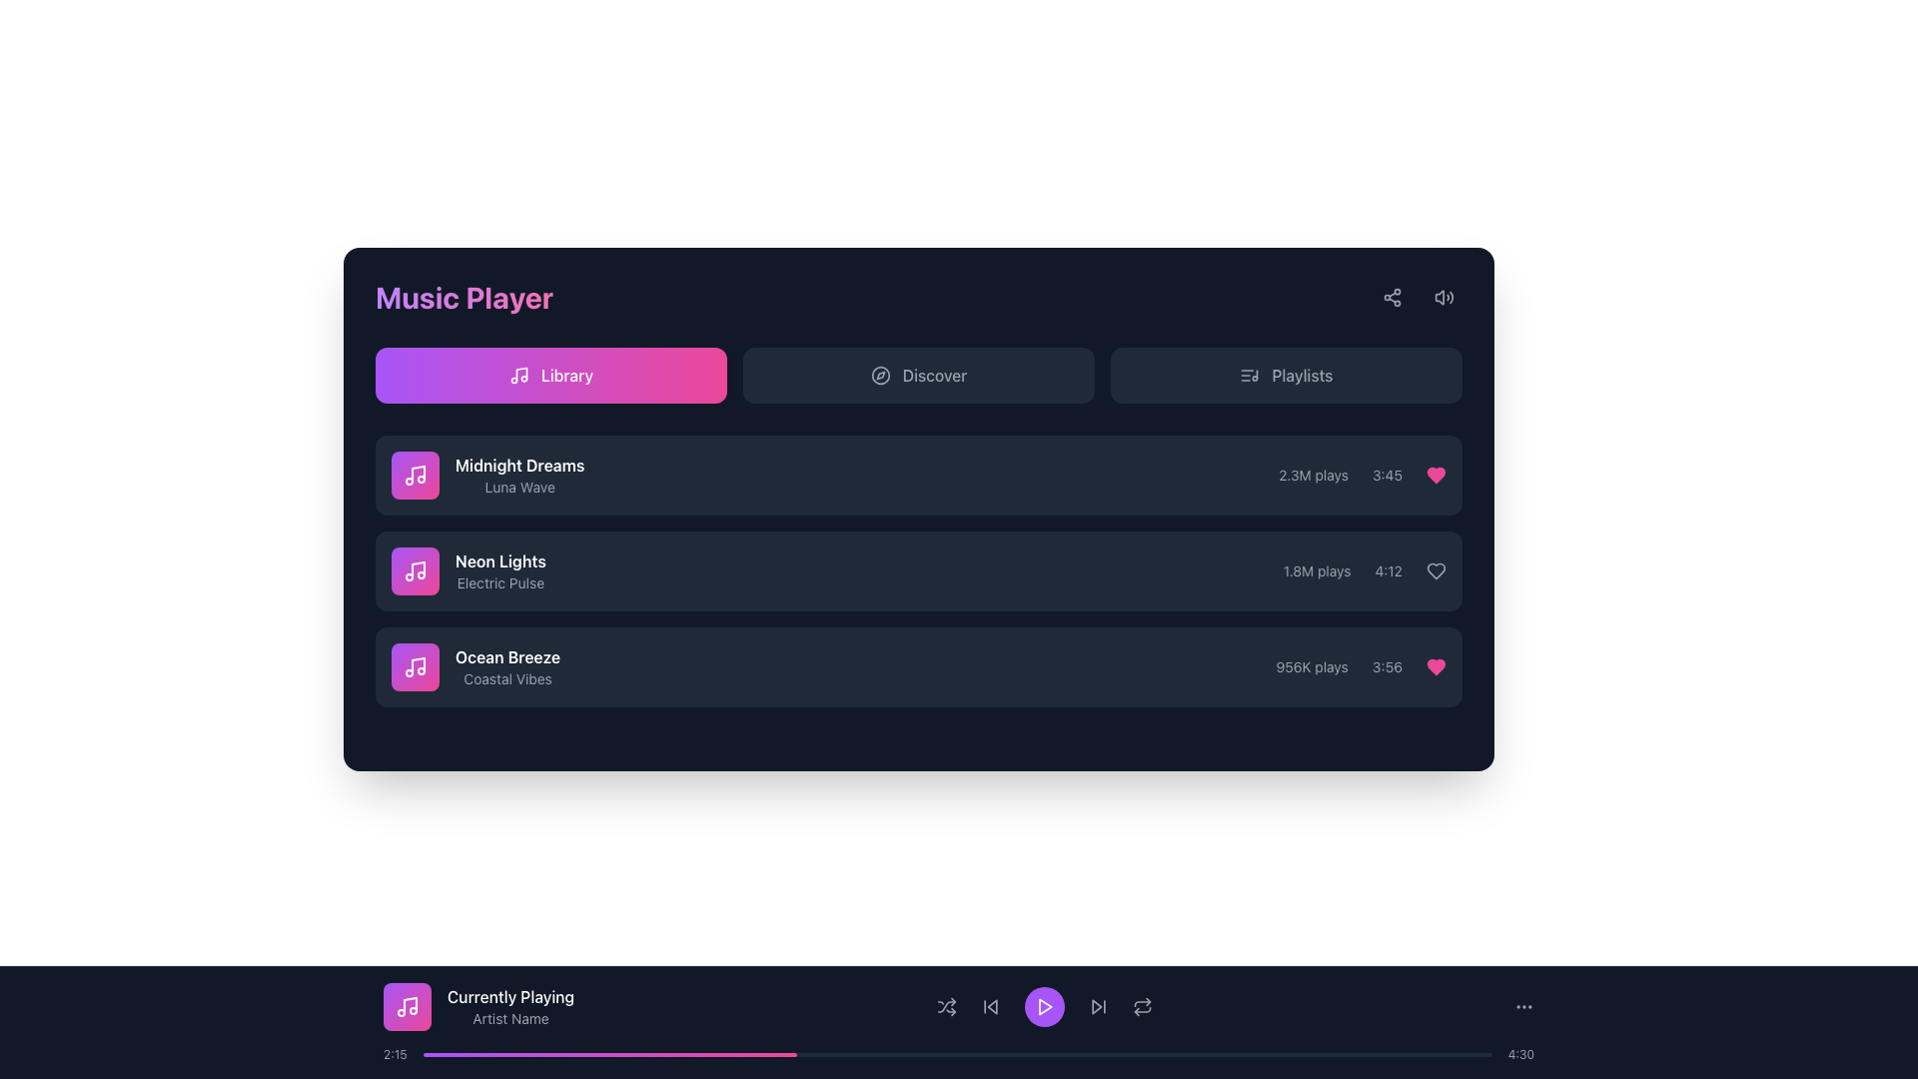  I want to click on the Text label indicating the duration of the associated music track, so click(1388, 570).